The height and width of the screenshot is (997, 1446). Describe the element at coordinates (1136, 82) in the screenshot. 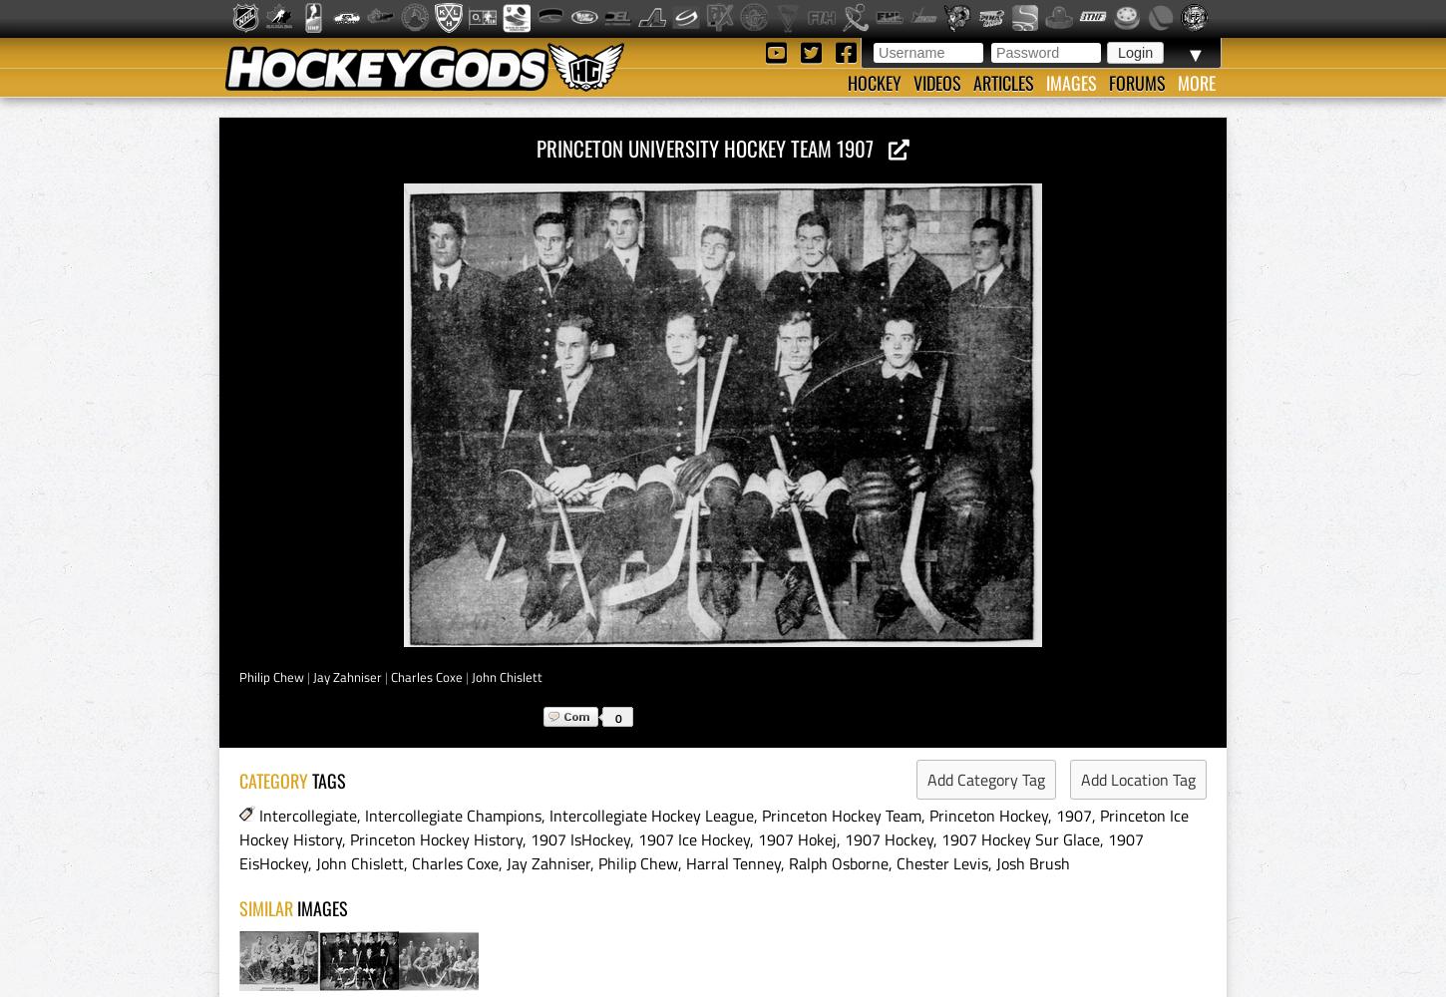

I see `'Forums'` at that location.